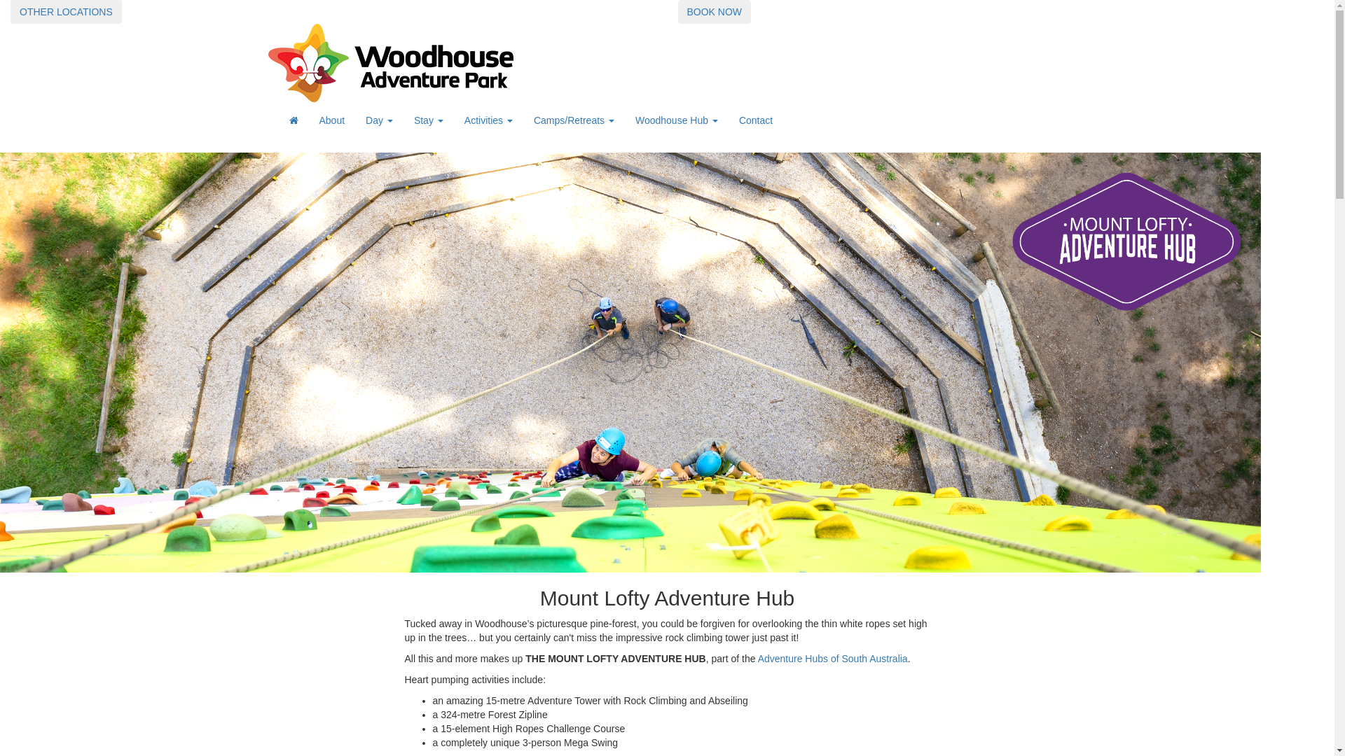 This screenshot has width=1345, height=756. What do you see at coordinates (379, 120) in the screenshot?
I see `'Day'` at bounding box center [379, 120].